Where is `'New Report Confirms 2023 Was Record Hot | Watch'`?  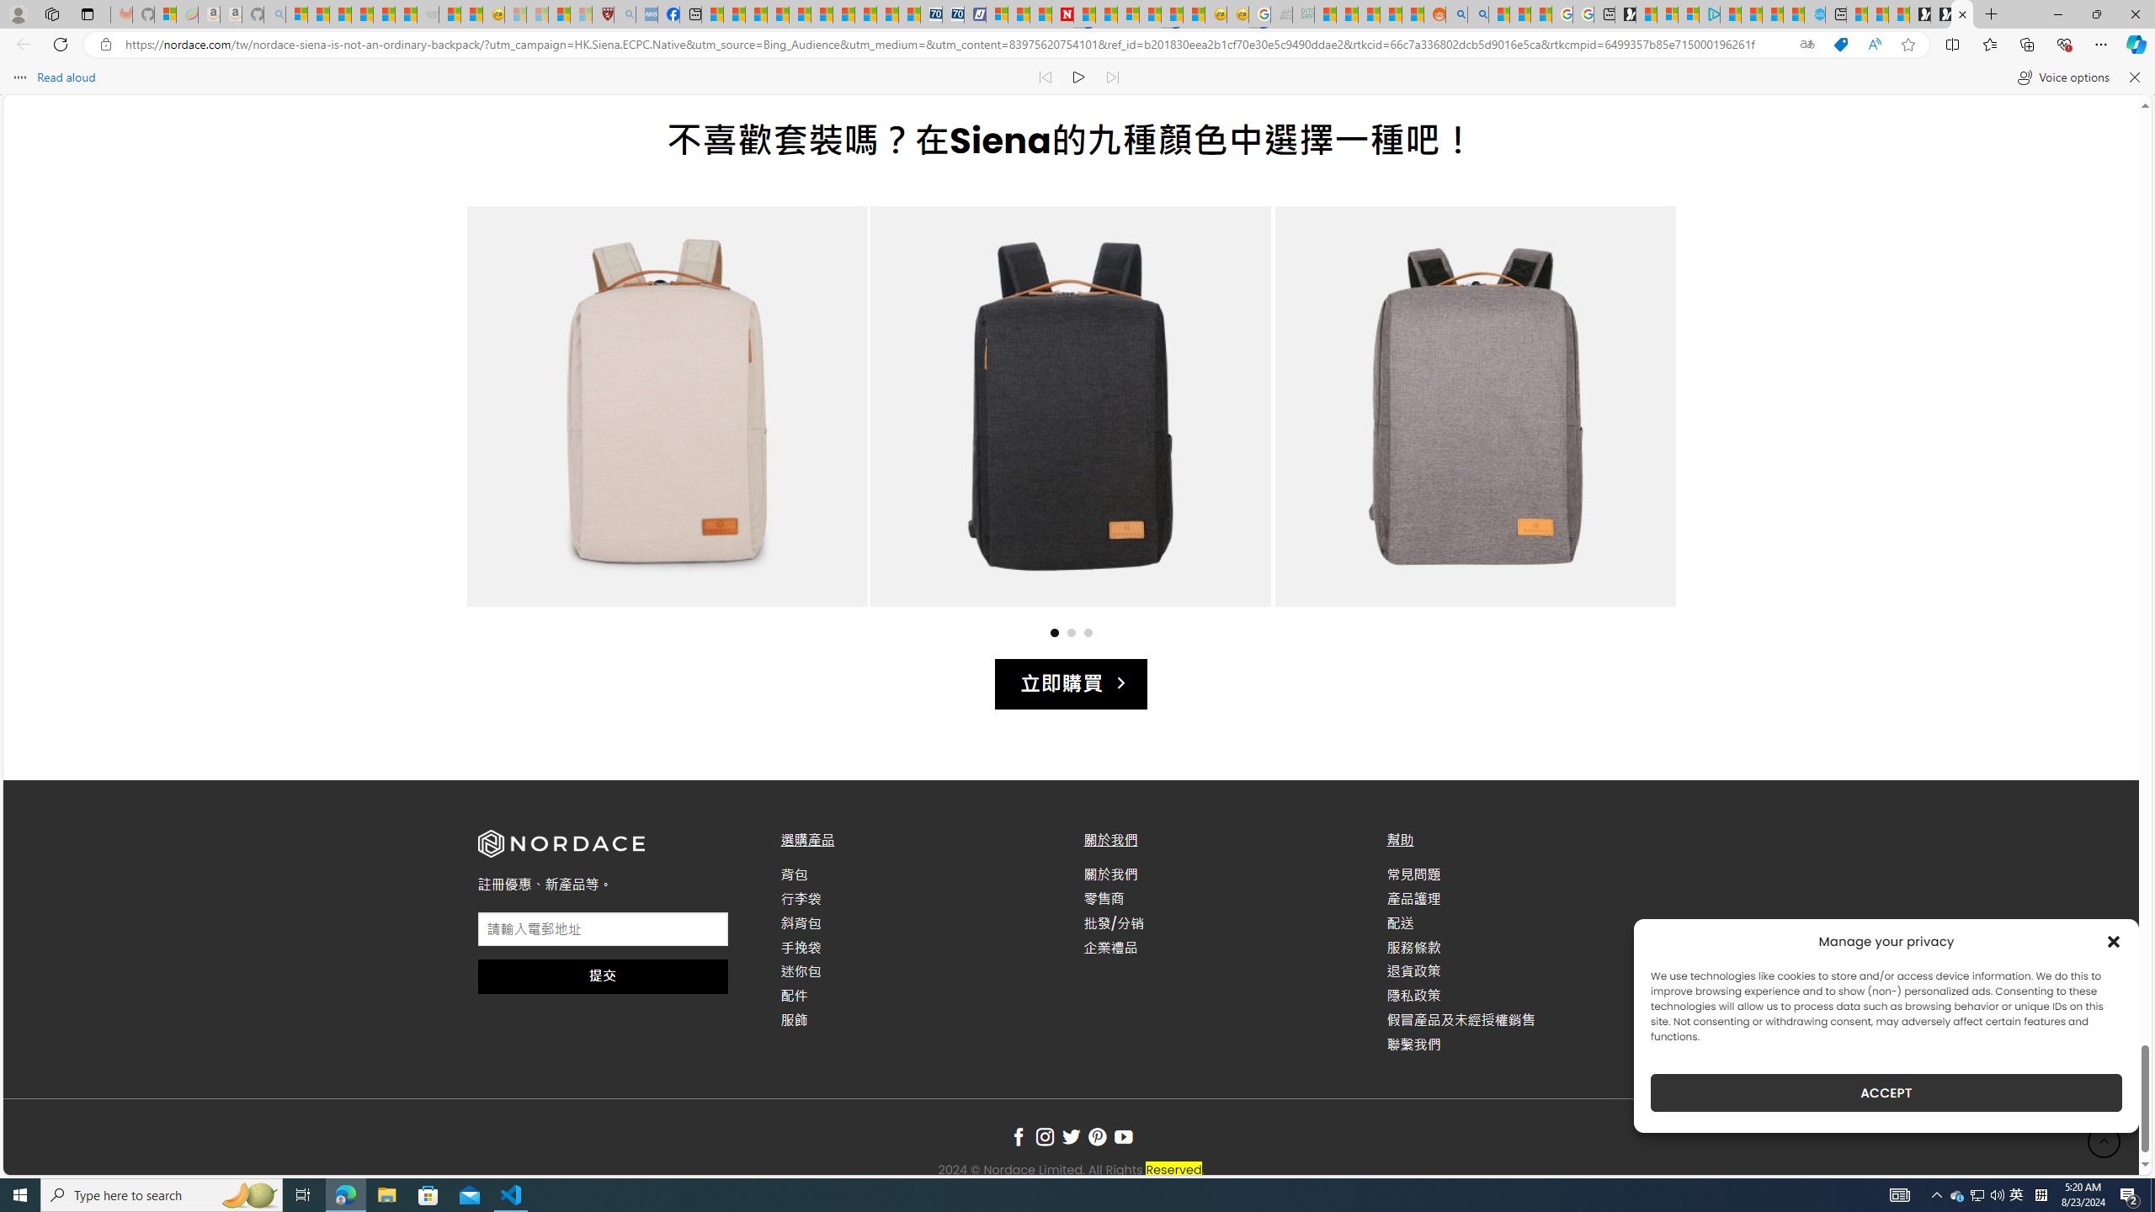
'New Report Confirms 2023 Was Record Hot | Watch' is located at coordinates (384, 13).